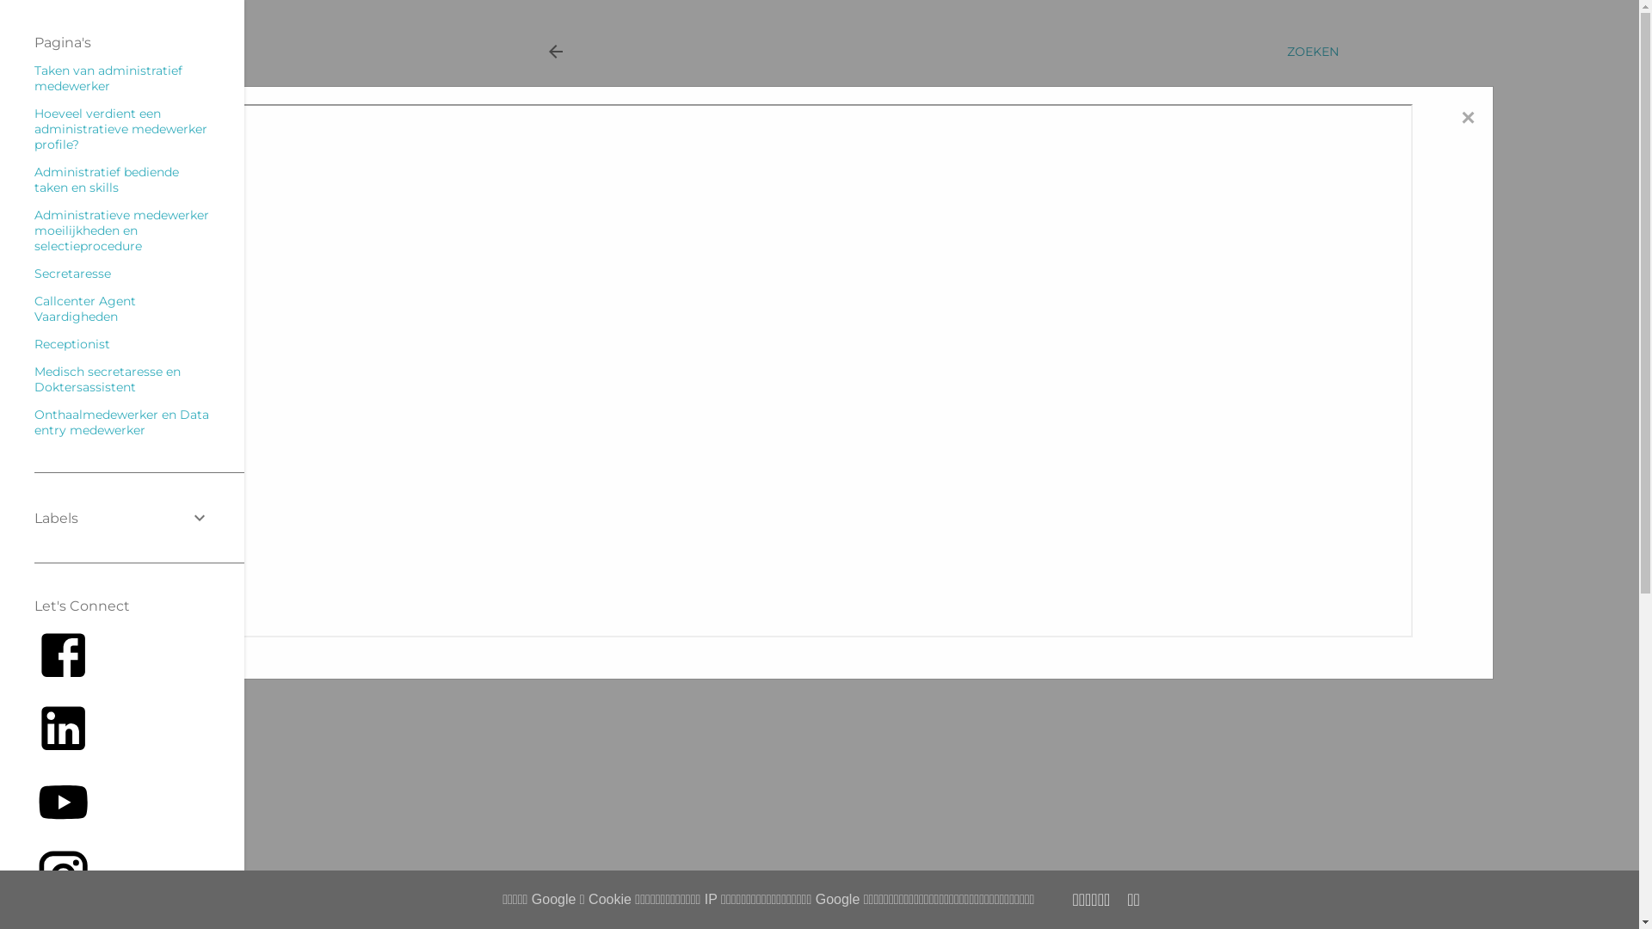 This screenshot has height=929, width=1652. I want to click on 'Administratief bediende taken en skills', so click(106, 179).